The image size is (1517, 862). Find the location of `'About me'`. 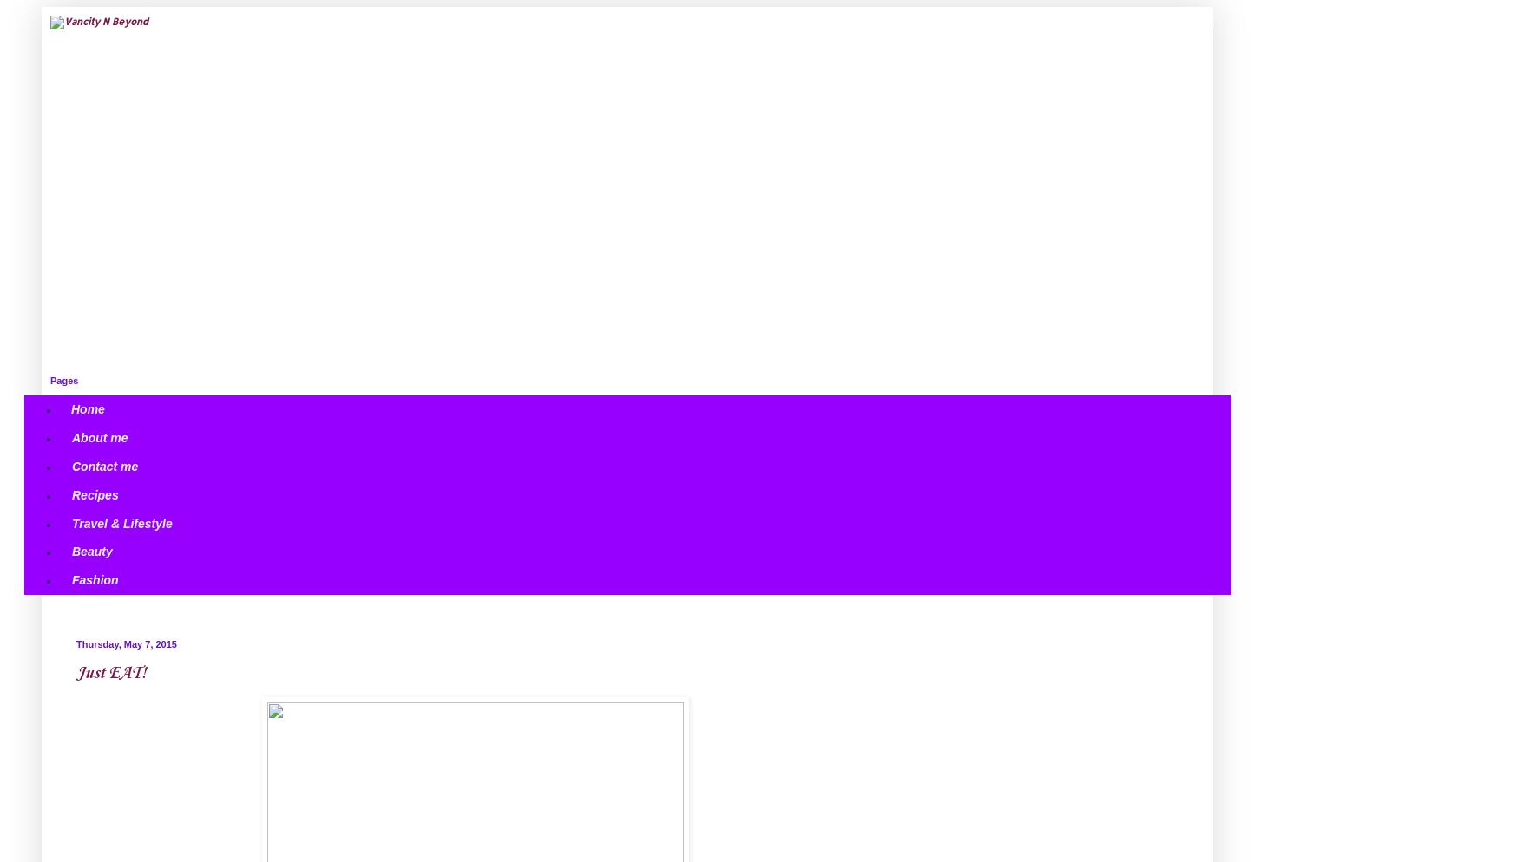

'About me' is located at coordinates (100, 437).